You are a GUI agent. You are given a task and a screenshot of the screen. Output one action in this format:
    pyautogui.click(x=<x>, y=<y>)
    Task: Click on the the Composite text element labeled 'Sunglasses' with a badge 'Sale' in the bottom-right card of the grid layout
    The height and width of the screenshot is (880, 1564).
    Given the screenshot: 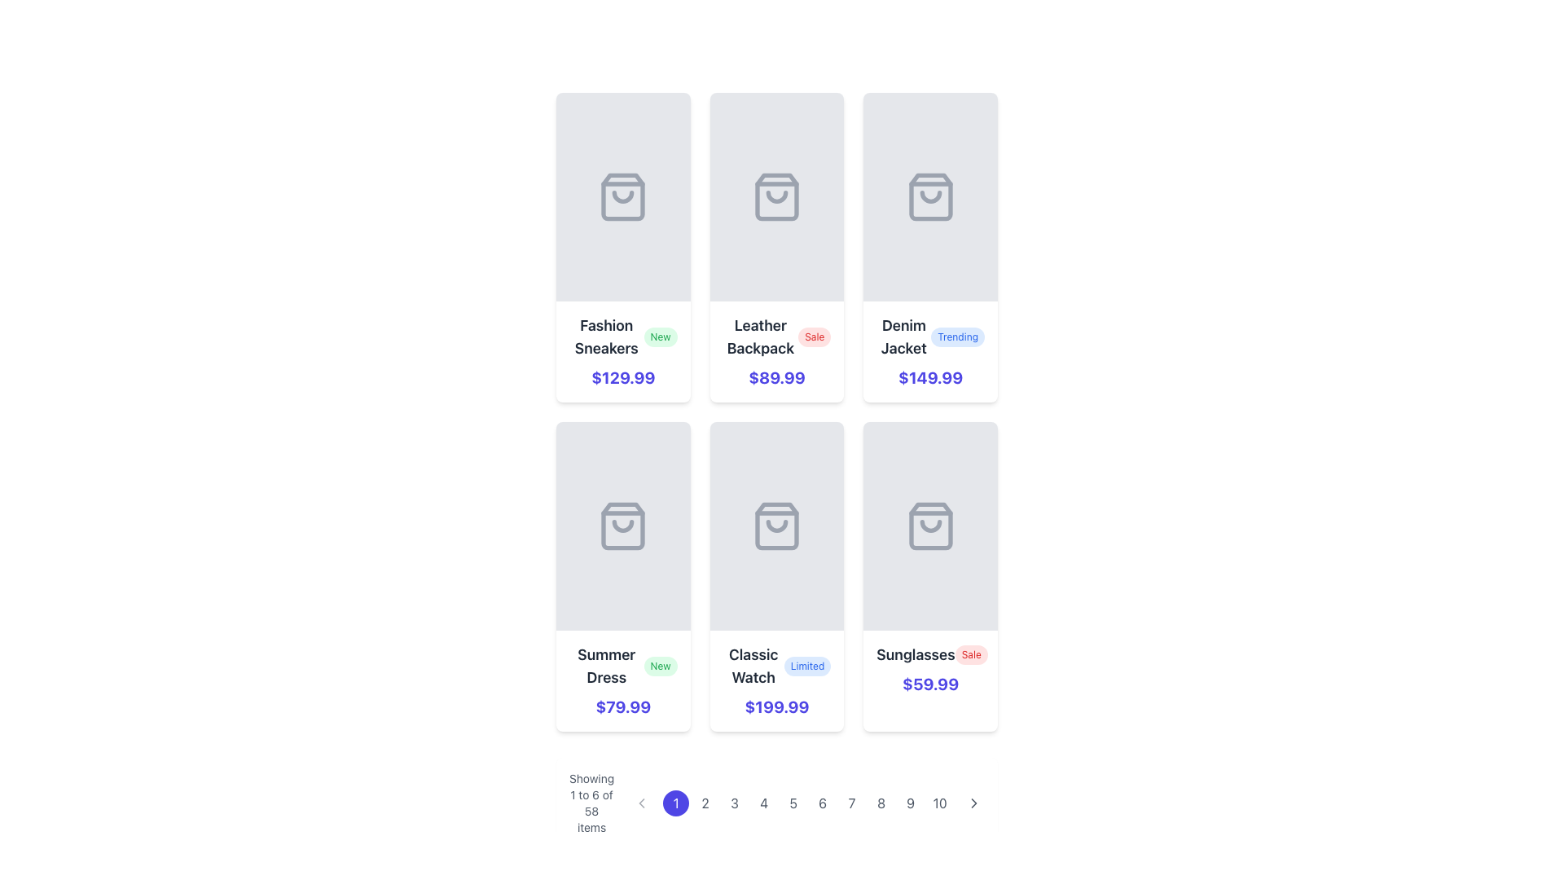 What is the action you would take?
    pyautogui.click(x=930, y=653)
    